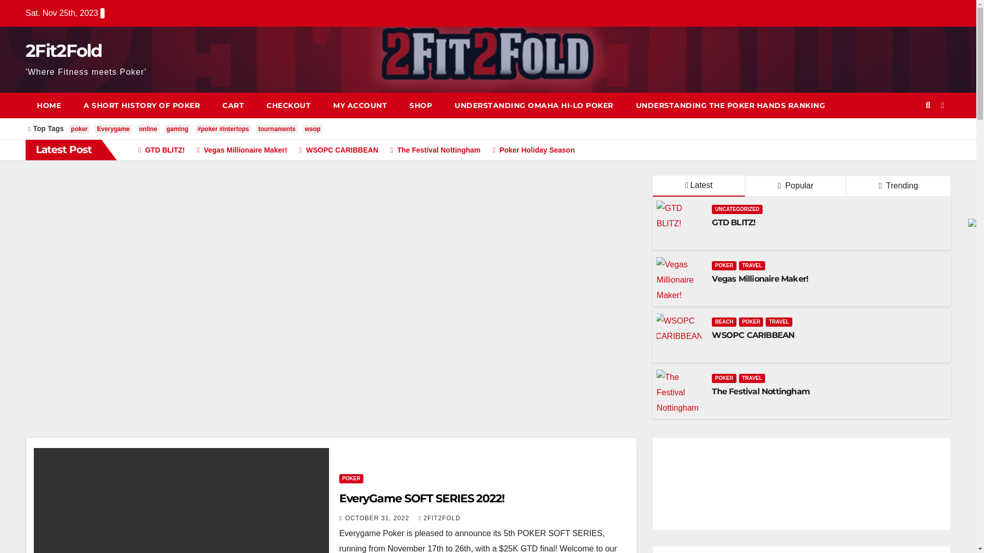 This screenshot has width=984, height=553. I want to click on 'Popular', so click(795, 186).